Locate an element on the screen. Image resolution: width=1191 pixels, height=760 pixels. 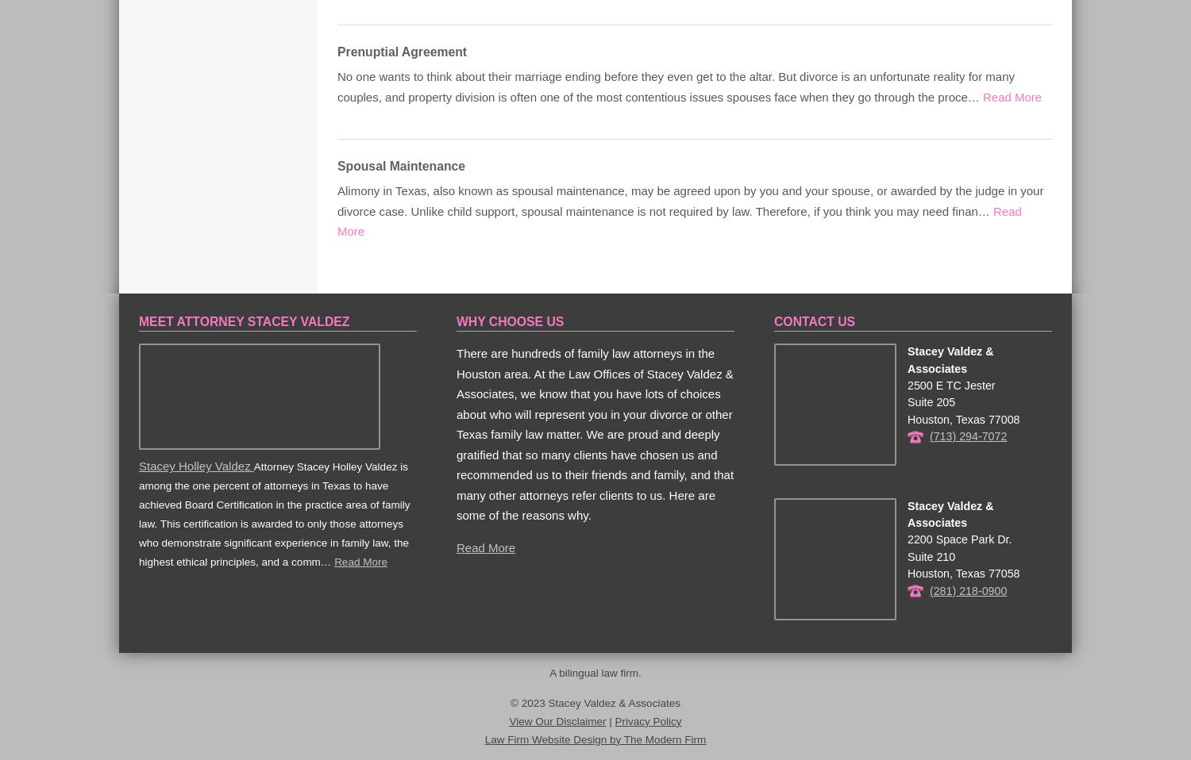
'There are hundreds of family law attorneys in the Houston area. At the Law Offices of Stacey Valdez & Associates, we know that you have lots of choices about who will represent you in your divorce or other Texas family law matter. We are proud and deeply gratified that so many clients have chosen us and recommended us to their friends and family, and that many other attorneys refer clients to us. Here are some of the reasons why.' is located at coordinates (594, 433).